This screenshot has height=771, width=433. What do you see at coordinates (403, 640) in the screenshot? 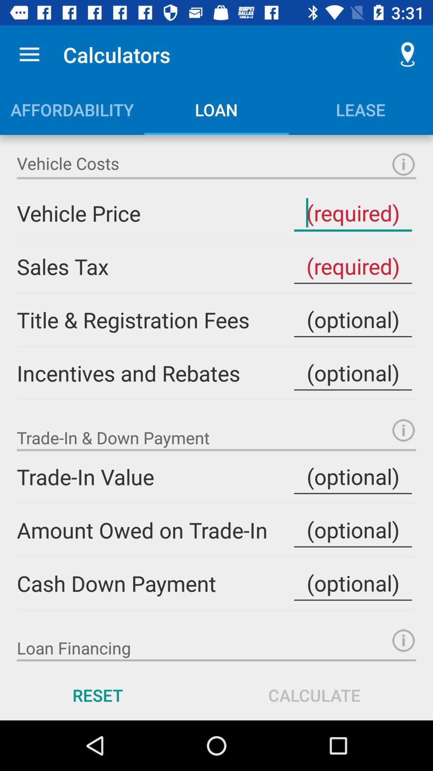
I see `receive information about loan financing` at bounding box center [403, 640].